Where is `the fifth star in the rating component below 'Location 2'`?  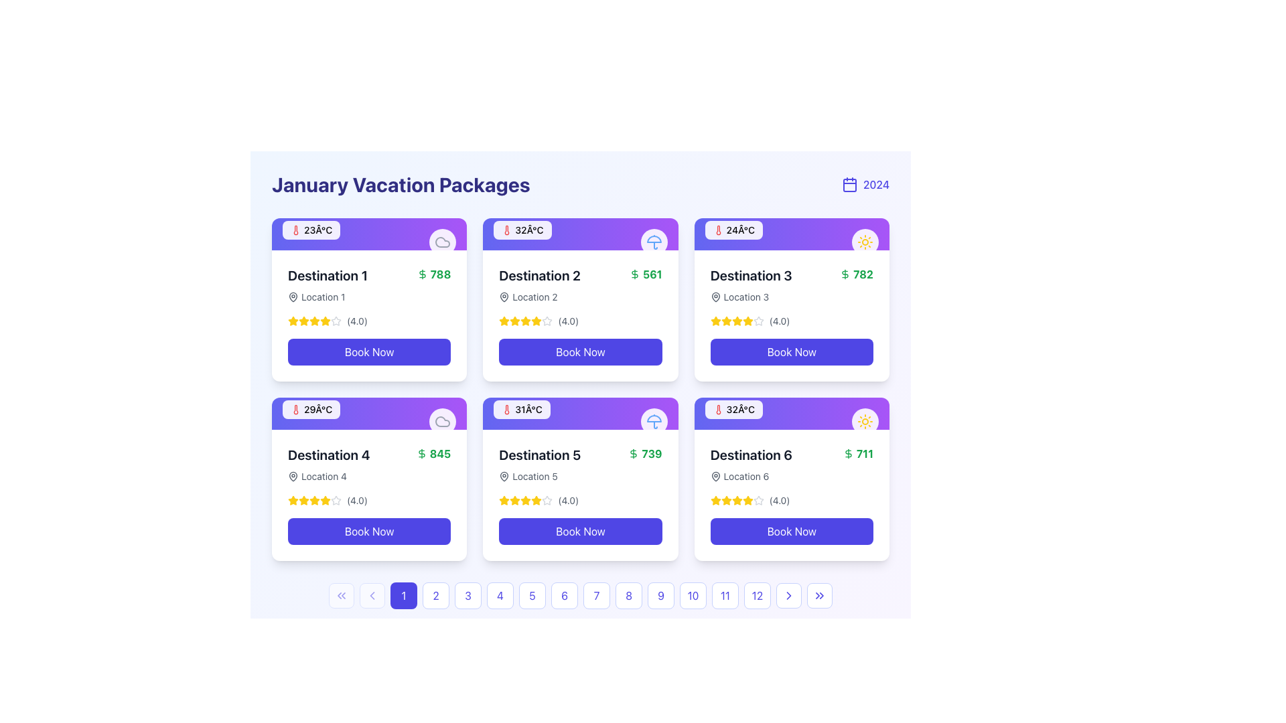 the fifth star in the rating component below 'Location 2' is located at coordinates (547, 321).